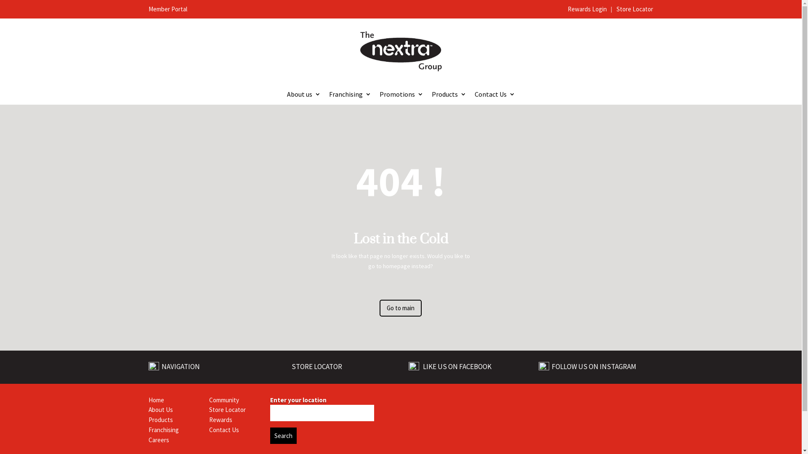 This screenshot has height=454, width=808. I want to click on 'Rewards Login', so click(587, 9).